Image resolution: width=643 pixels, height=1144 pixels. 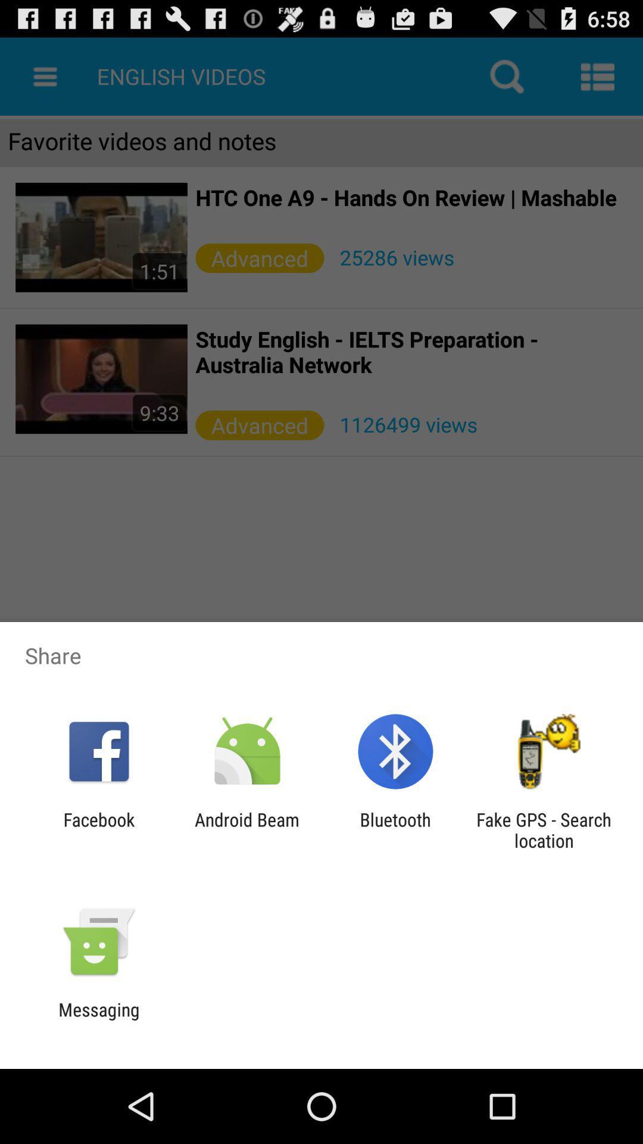 What do you see at coordinates (98, 829) in the screenshot?
I see `the app next to the android beam` at bounding box center [98, 829].